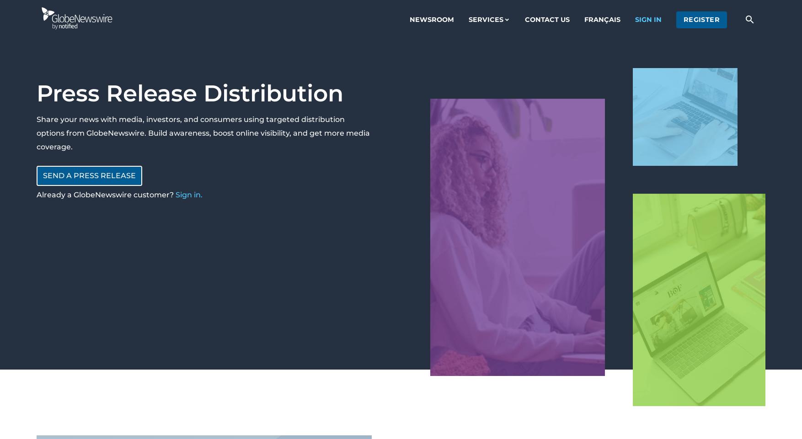 The width and height of the screenshot is (802, 439). Describe the element at coordinates (648, 18) in the screenshot. I see `'sign in'` at that location.